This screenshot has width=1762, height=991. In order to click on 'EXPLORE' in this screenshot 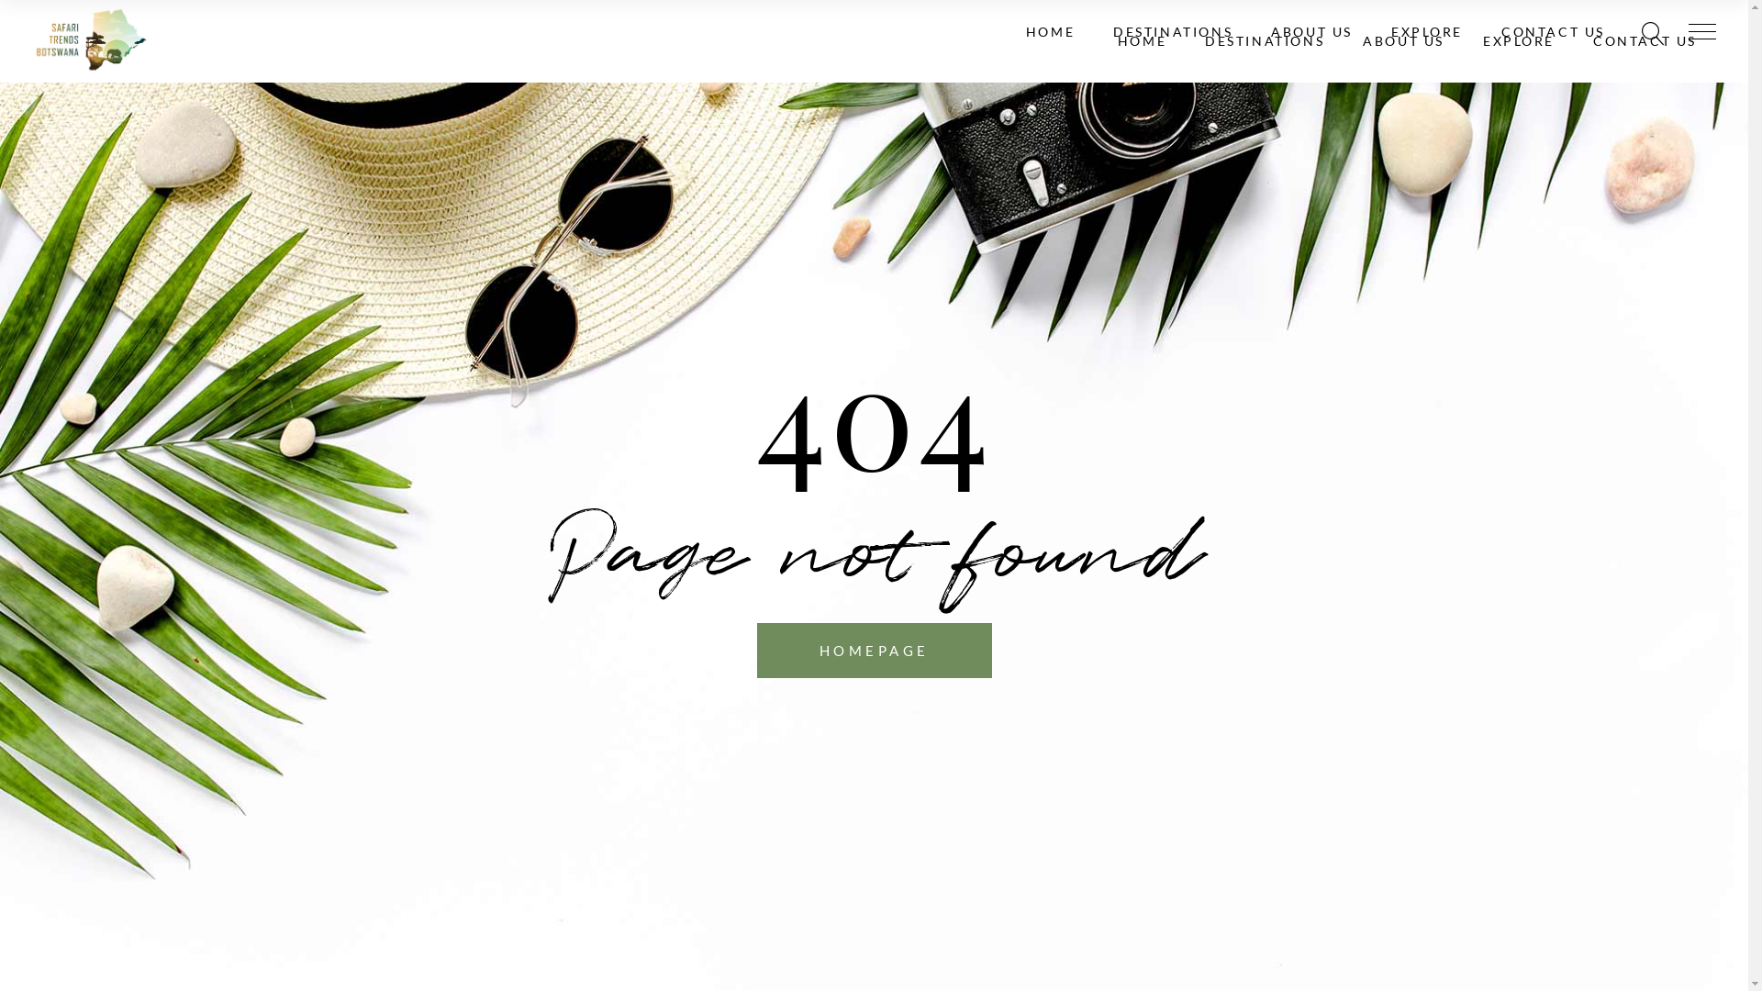, I will do `click(1426, 31)`.